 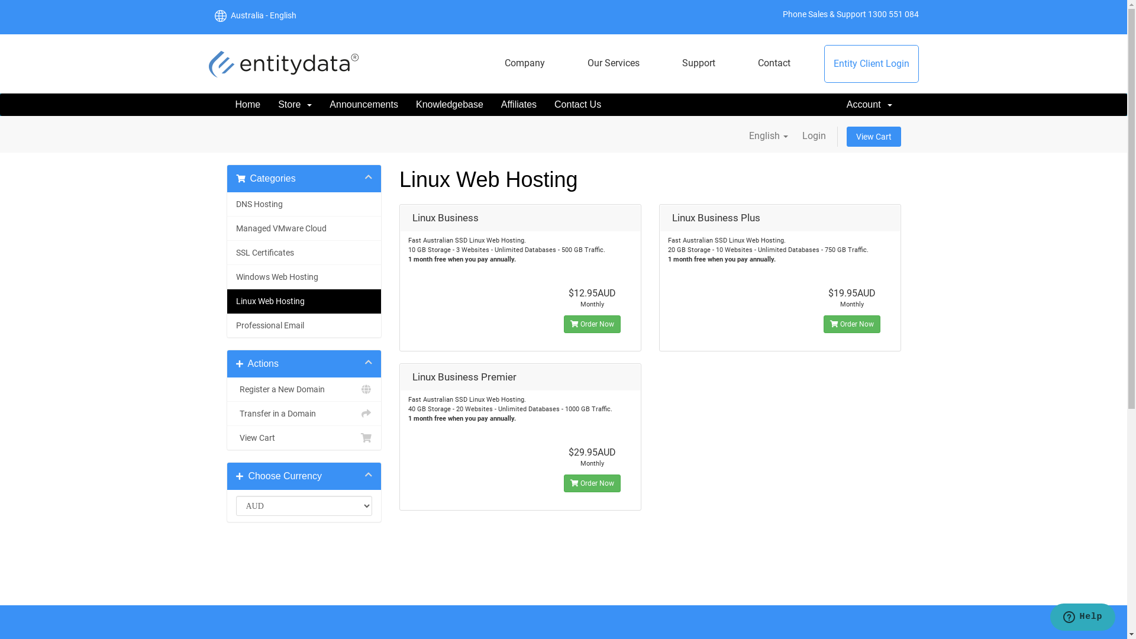 I want to click on 'Support', so click(x=698, y=63).